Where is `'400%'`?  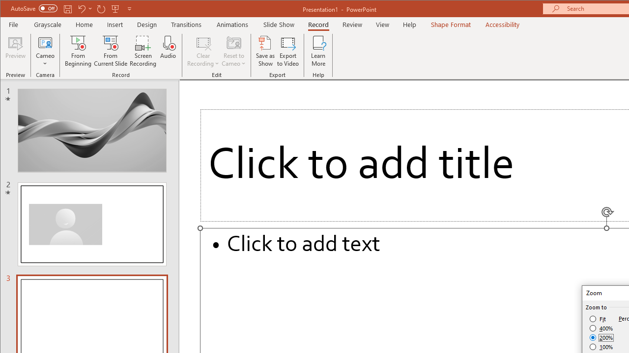
'400%' is located at coordinates (601, 328).